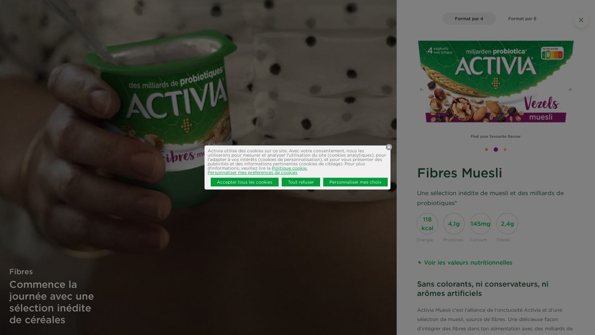 This screenshot has height=335, width=595. I want to click on 'Format par 8', so click(495, 18).